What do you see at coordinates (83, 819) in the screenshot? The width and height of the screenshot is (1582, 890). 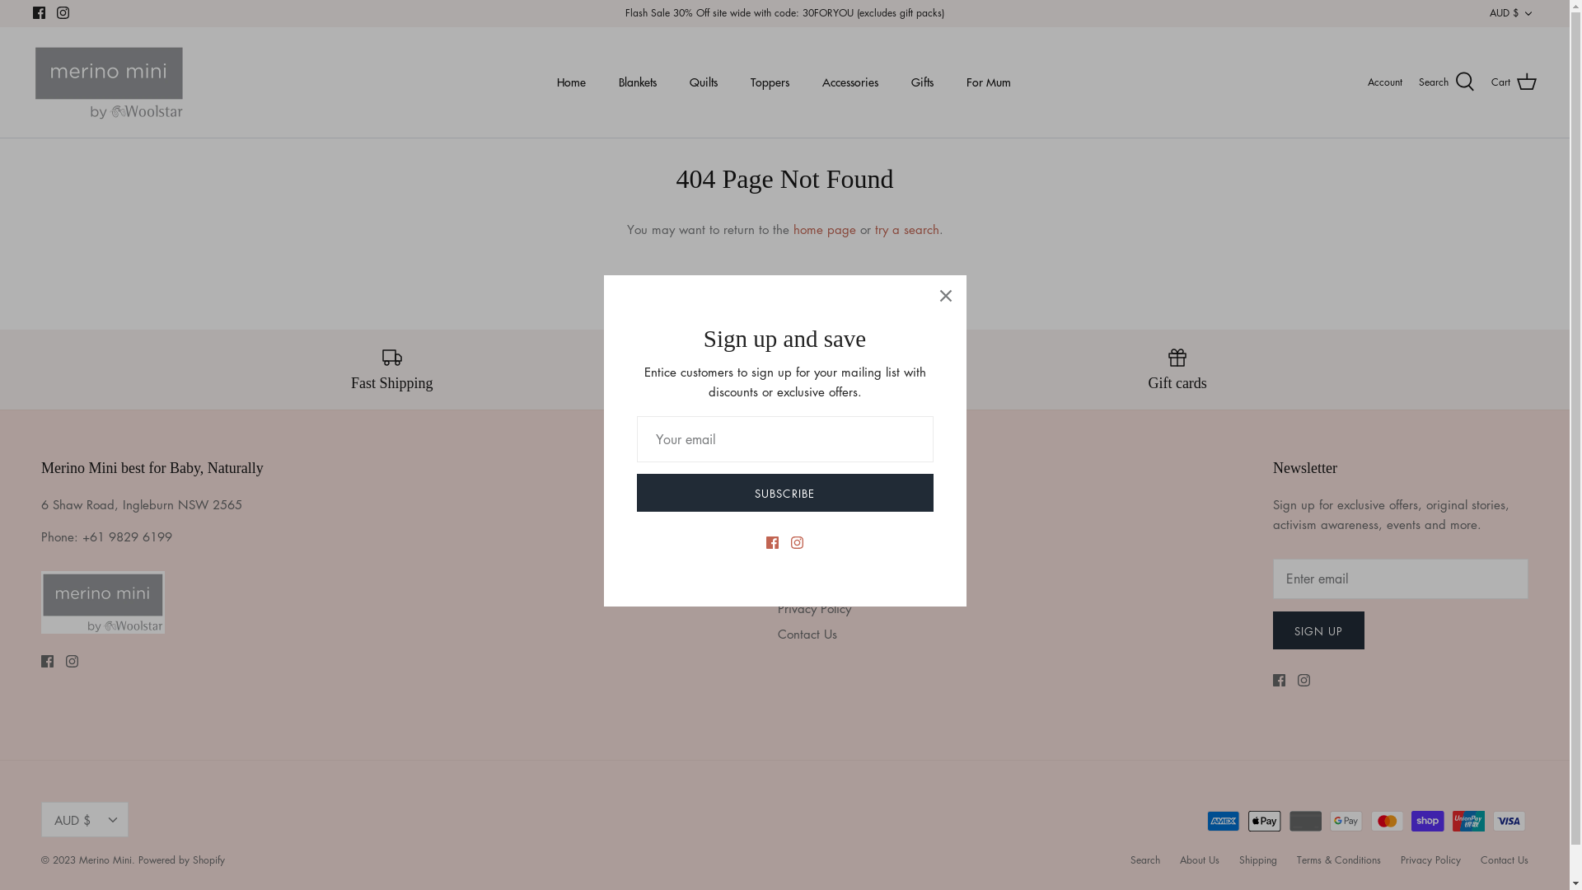 I see `'AUD $` at bounding box center [83, 819].